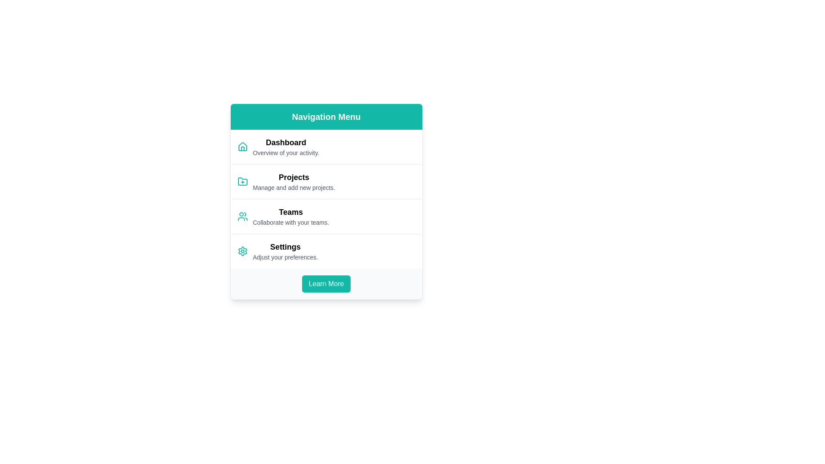  Describe the element at coordinates (326, 181) in the screenshot. I see `to select the second navigational option in the vertical list, which is intended for accessing or managing projects` at that location.